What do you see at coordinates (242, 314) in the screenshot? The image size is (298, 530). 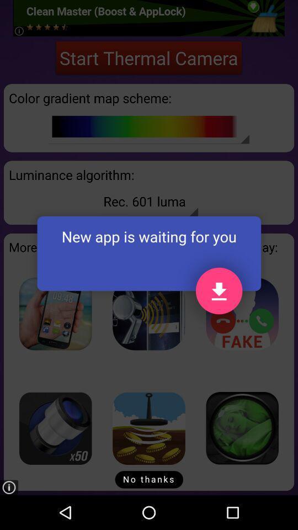 I see `download app` at bounding box center [242, 314].